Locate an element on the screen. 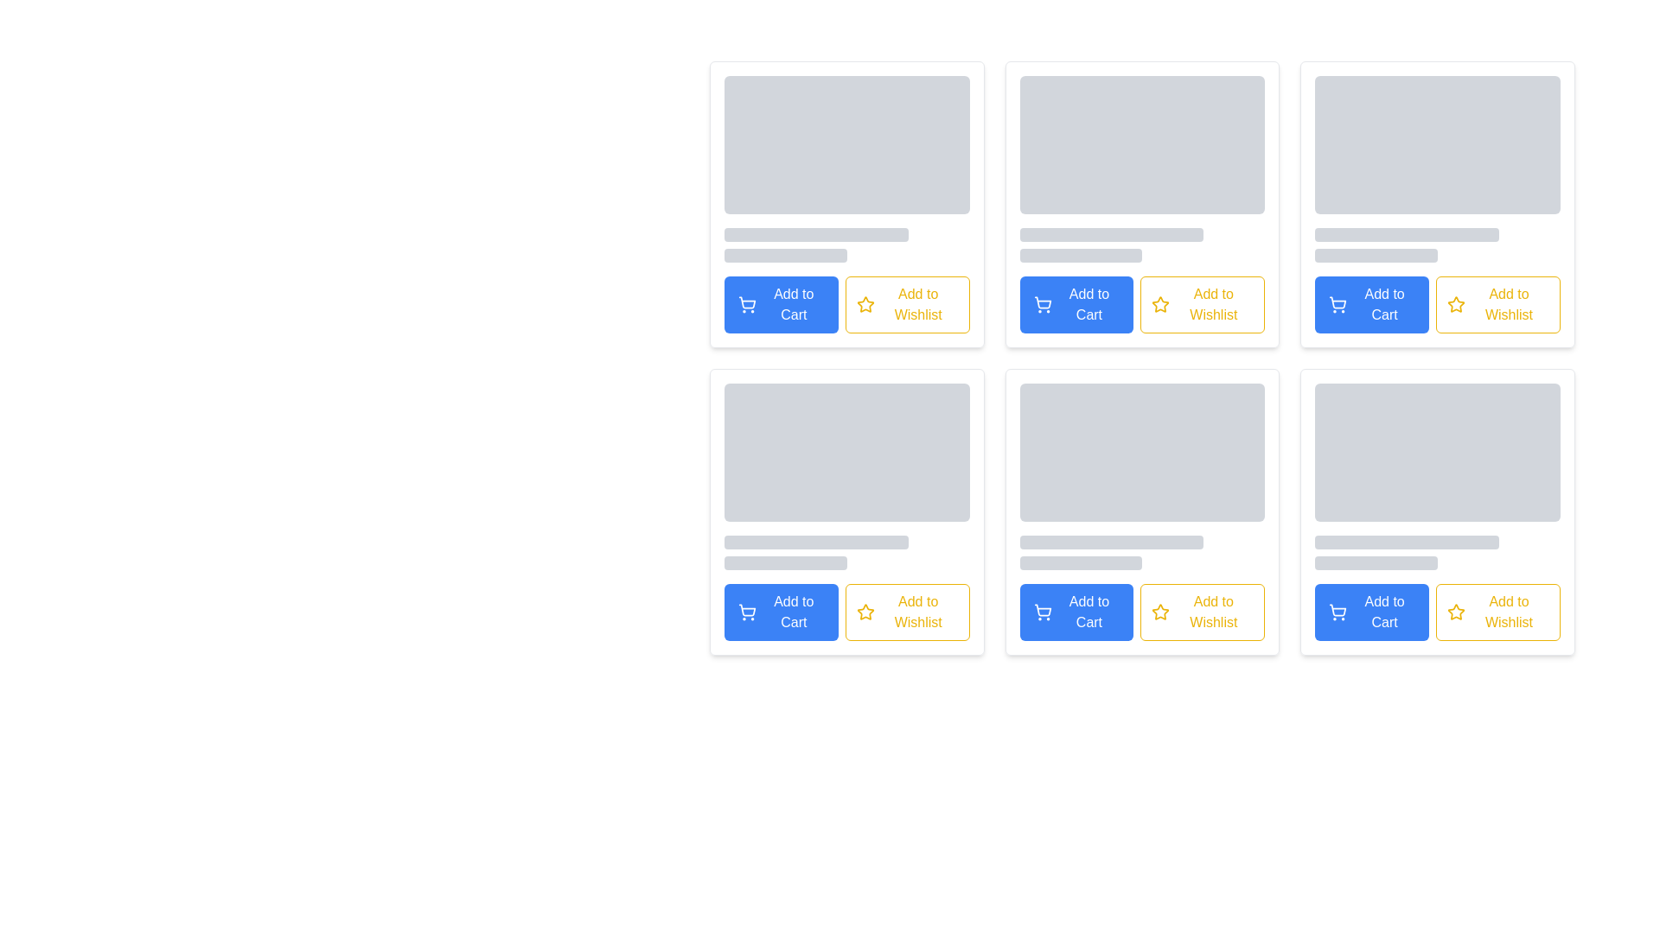  the thin gray rectangular bar with rounded ends, styled as a placeholder or progress bar, located at the bottom of a card-like component on the right side of the last row of a grid layout is located at coordinates (1376, 562).